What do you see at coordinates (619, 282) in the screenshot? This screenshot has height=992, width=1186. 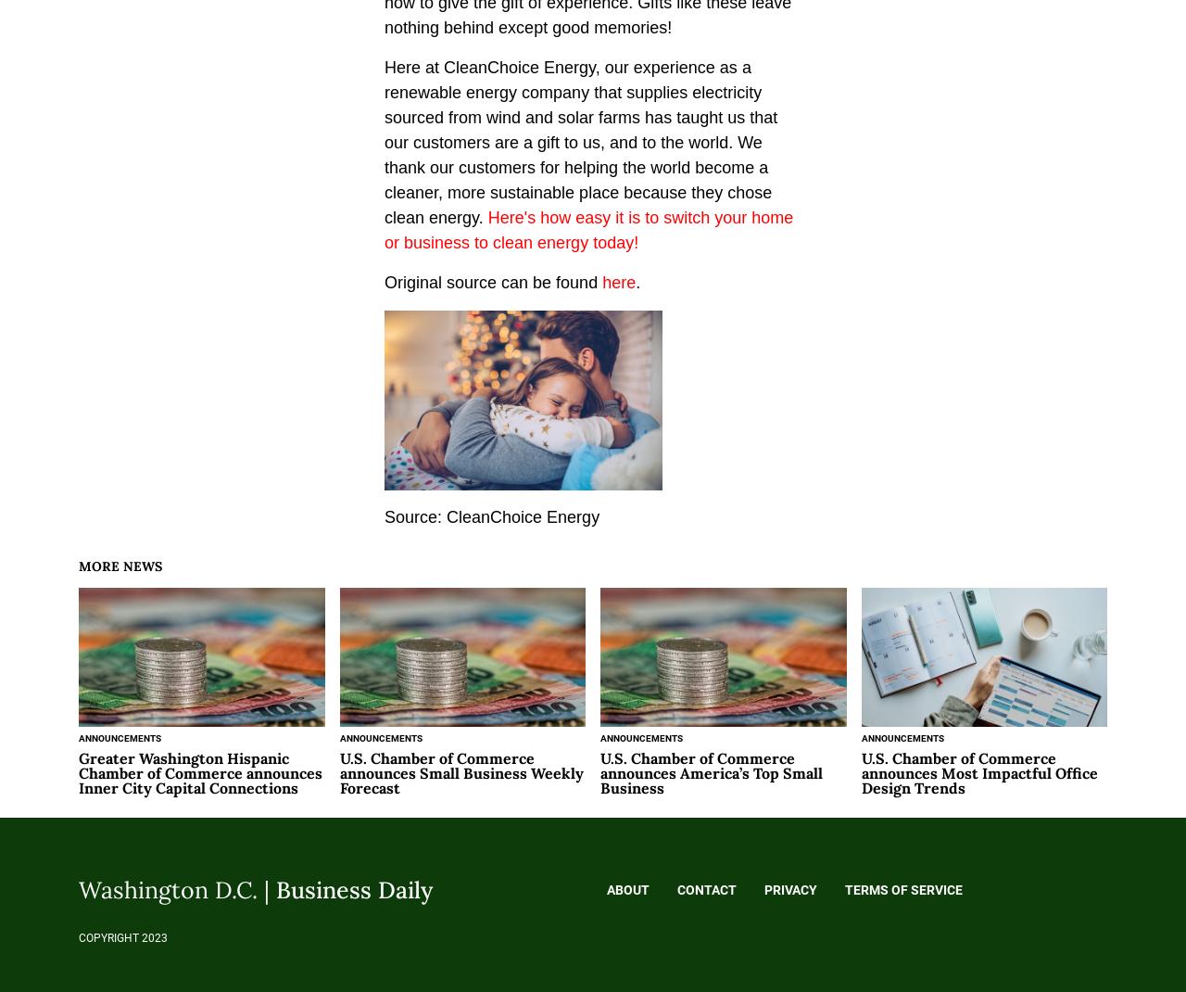 I see `'here'` at bounding box center [619, 282].